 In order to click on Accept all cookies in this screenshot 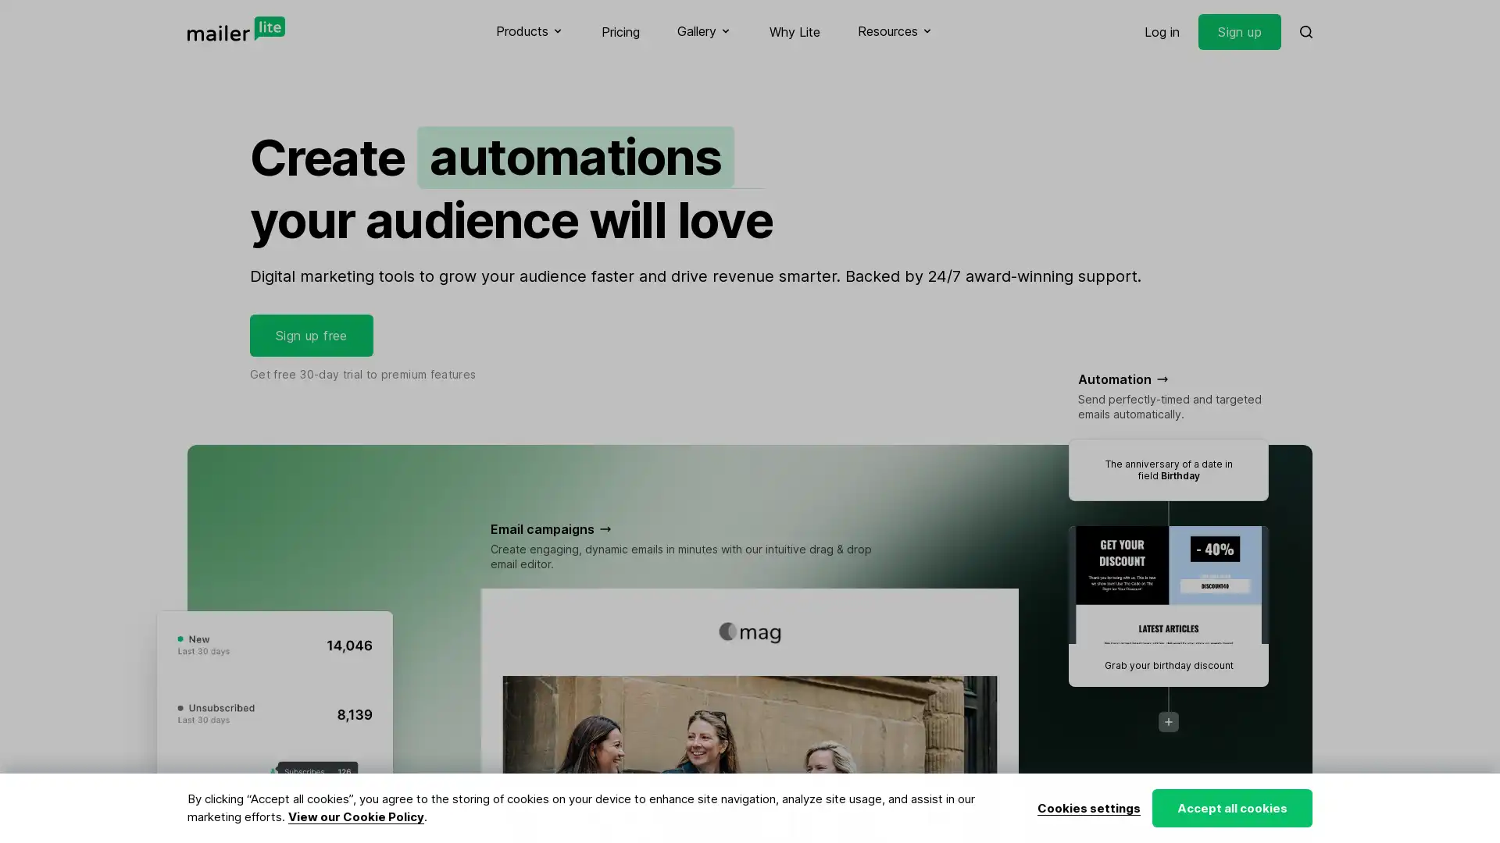, I will do `click(1231, 808)`.